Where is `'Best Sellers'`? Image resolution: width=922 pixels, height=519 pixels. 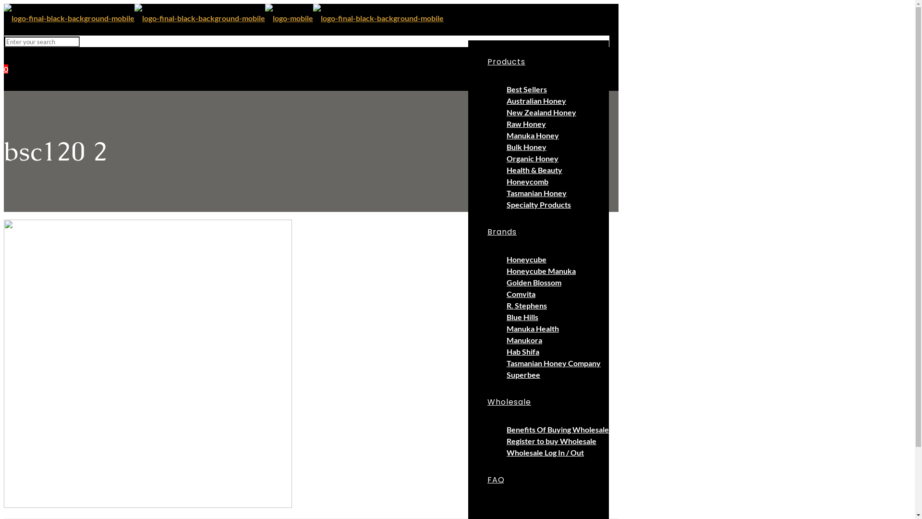
'Best Sellers' is located at coordinates (526, 89).